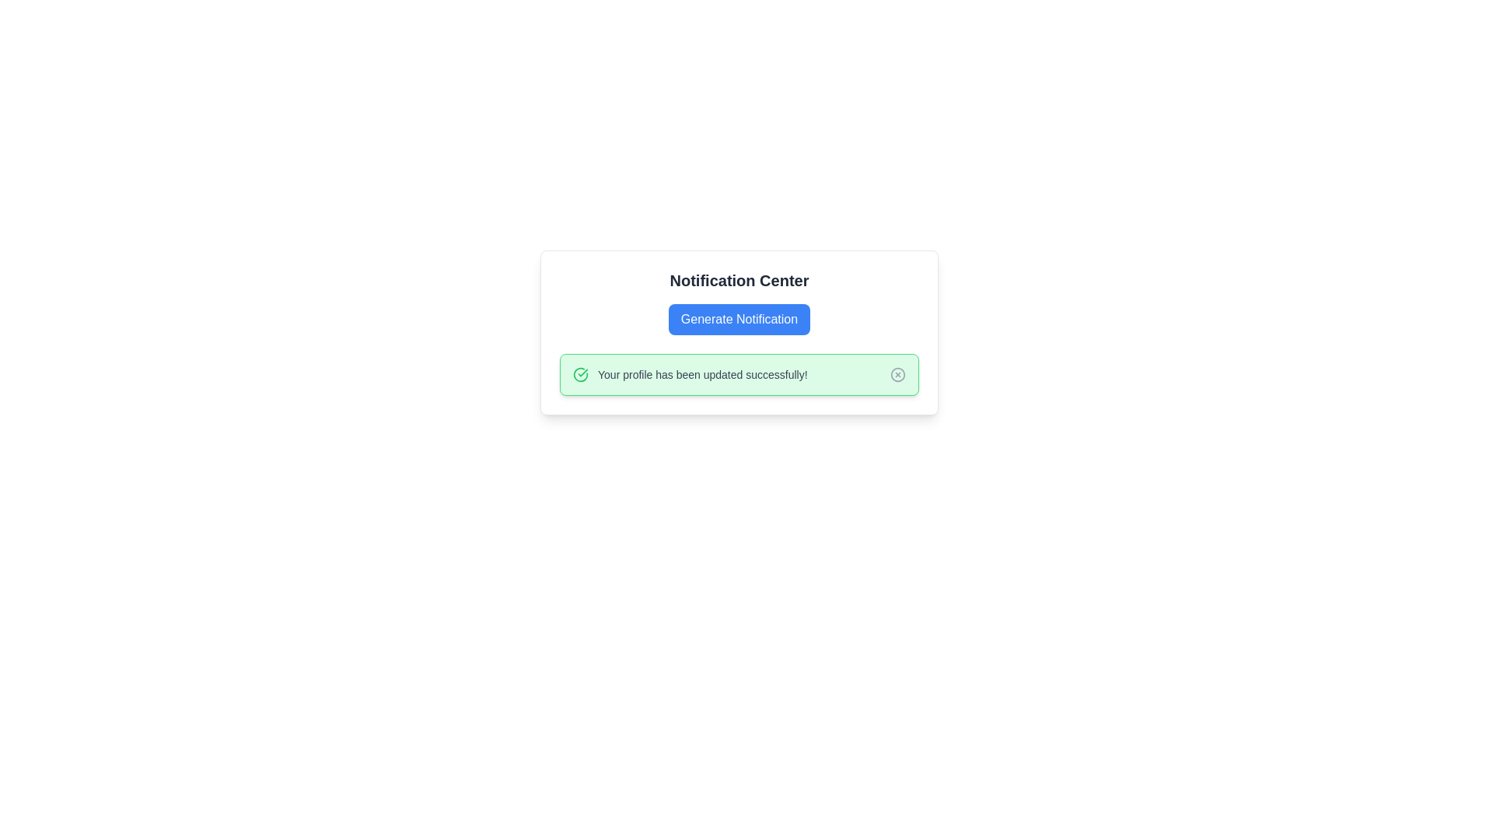  What do you see at coordinates (738, 281) in the screenshot?
I see `text of the heading displaying 'Notification Center', which is a bold, larger black font positioned at the upper center of a card layout, above the blue button labeled 'Generate Notification'` at bounding box center [738, 281].